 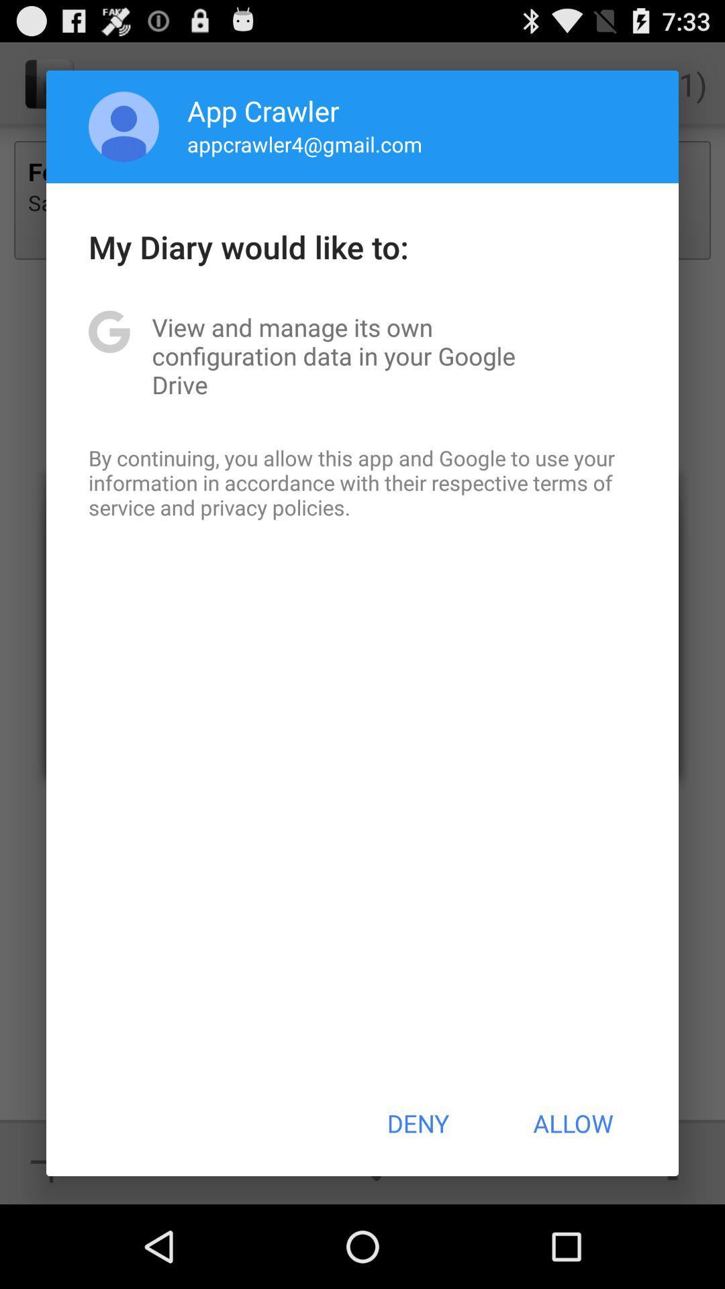 I want to click on the button next to the allow button, so click(x=417, y=1123).